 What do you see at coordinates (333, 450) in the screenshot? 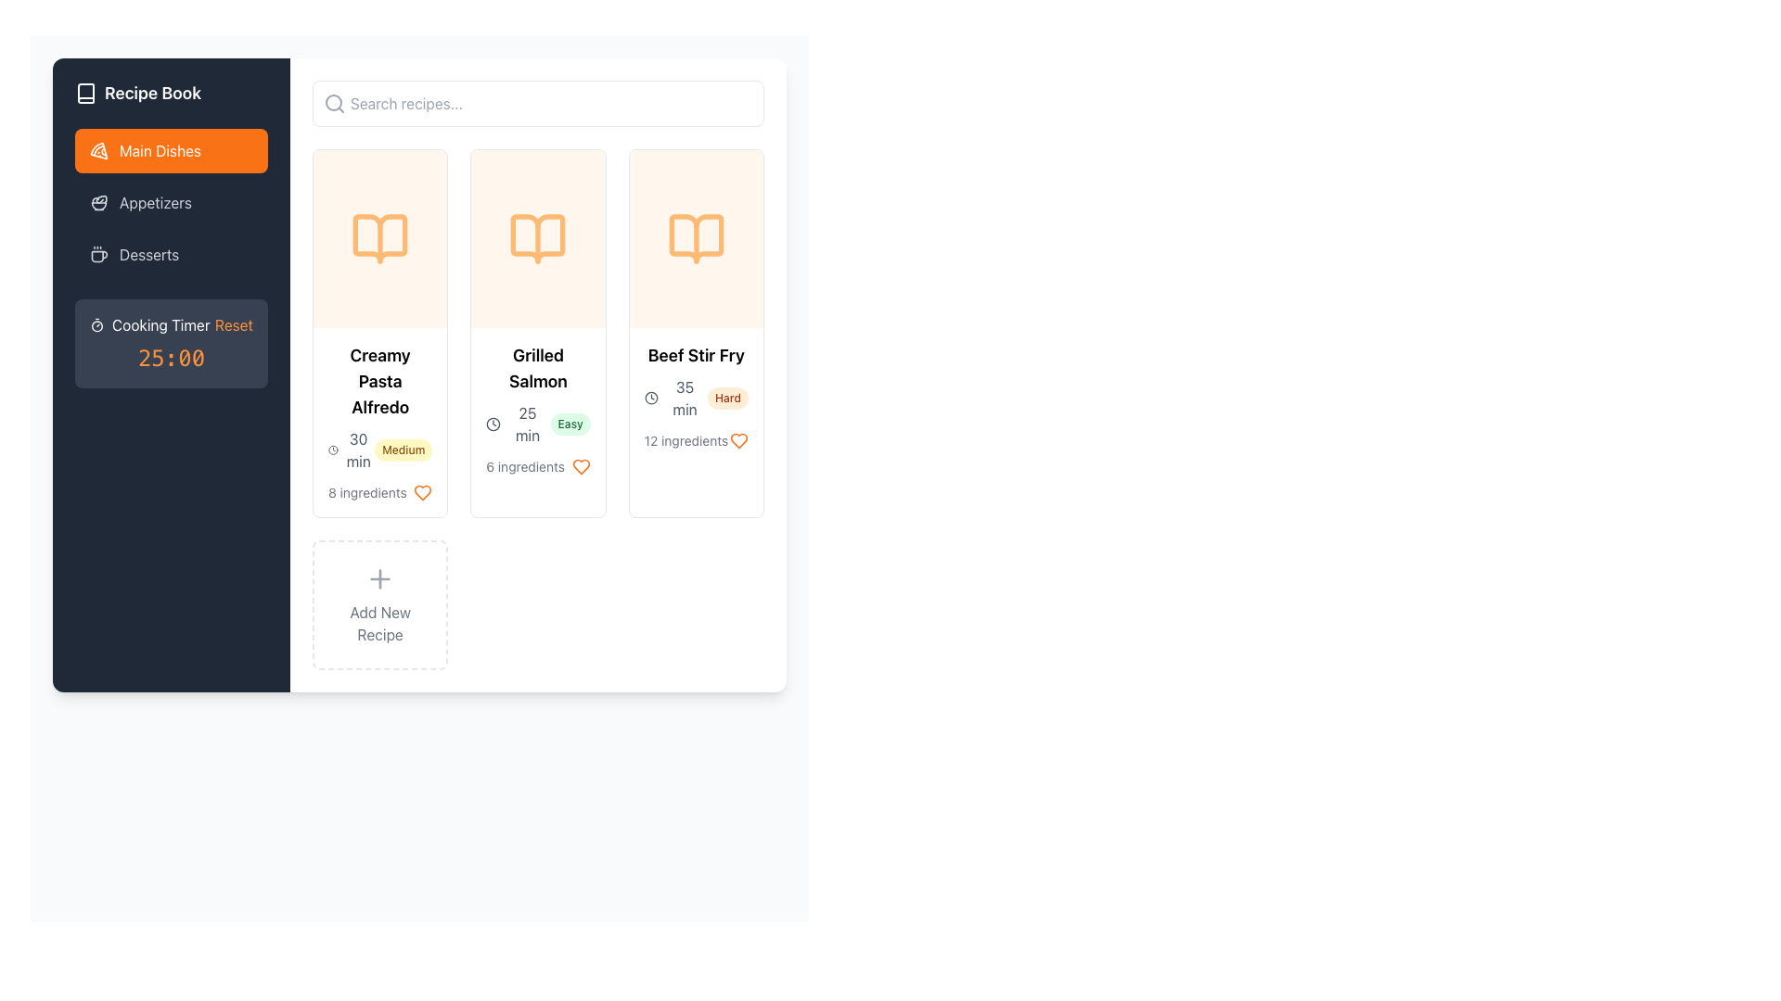
I see `the clock icon representing the preparation time of the 'Creamy Pasta Alfredo' dish, located in the leftmost card under the header section` at bounding box center [333, 450].